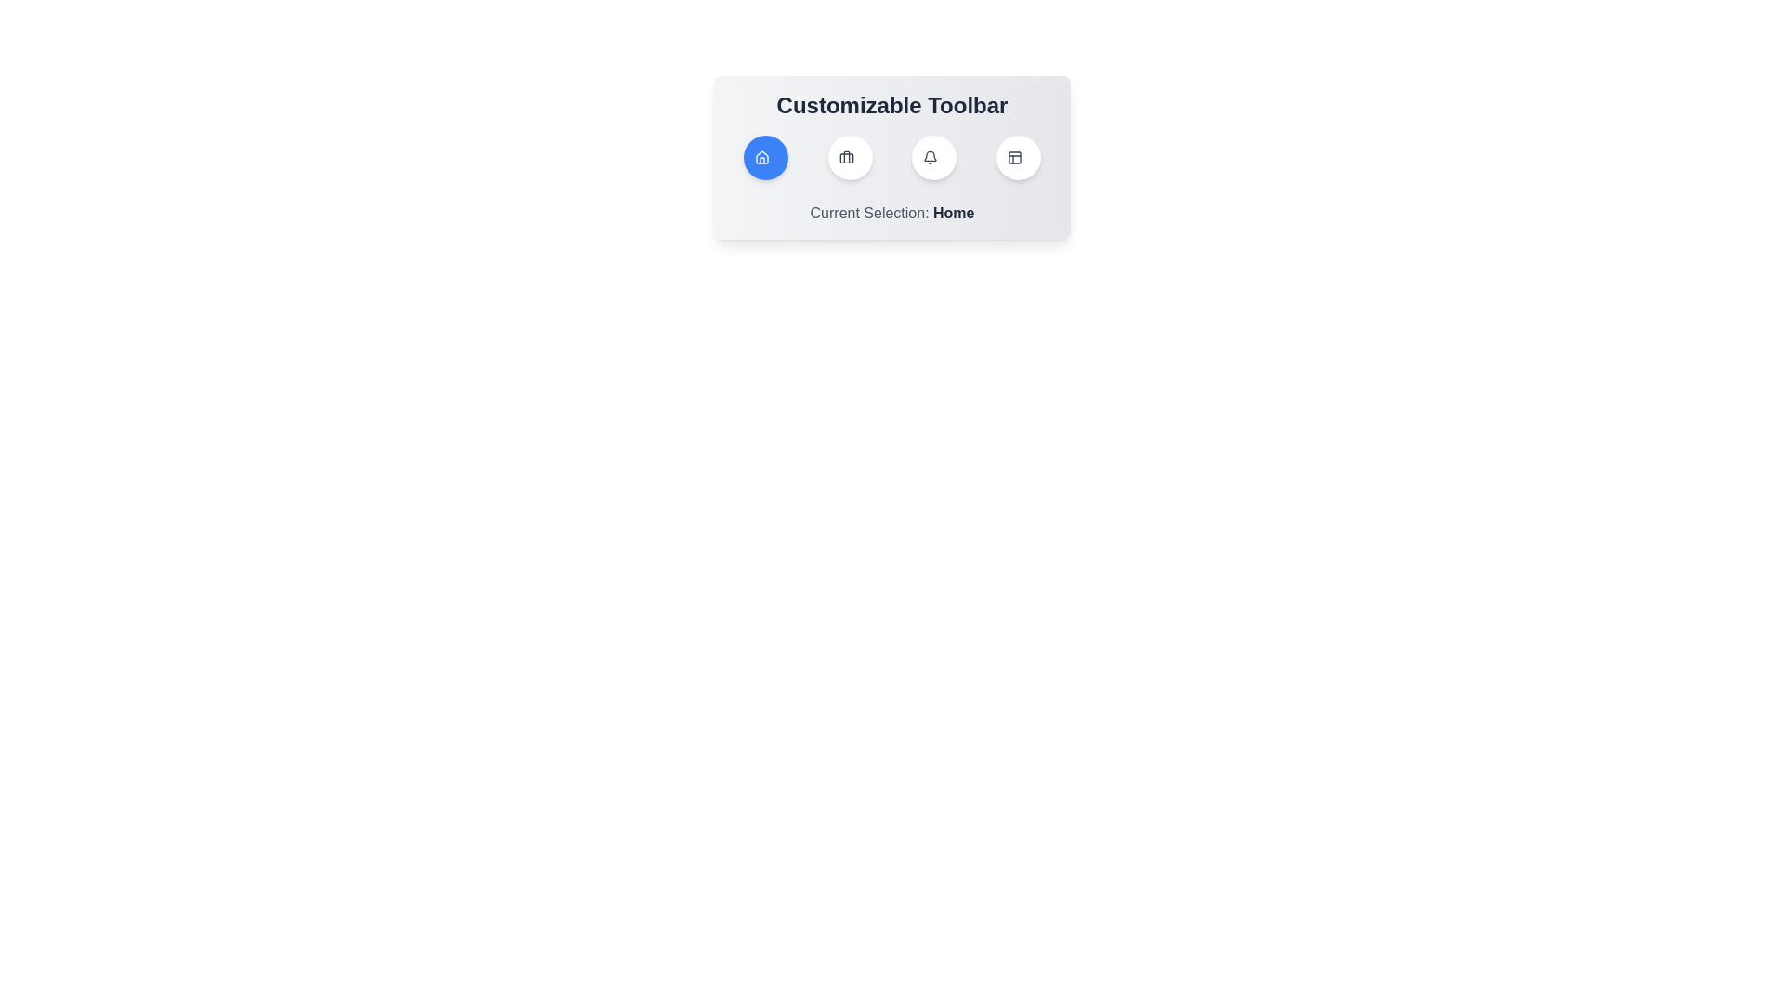 This screenshot has width=1783, height=1003. I want to click on the white house icon, which is part of a circular blue button representing the 'Home' button, so click(761, 156).